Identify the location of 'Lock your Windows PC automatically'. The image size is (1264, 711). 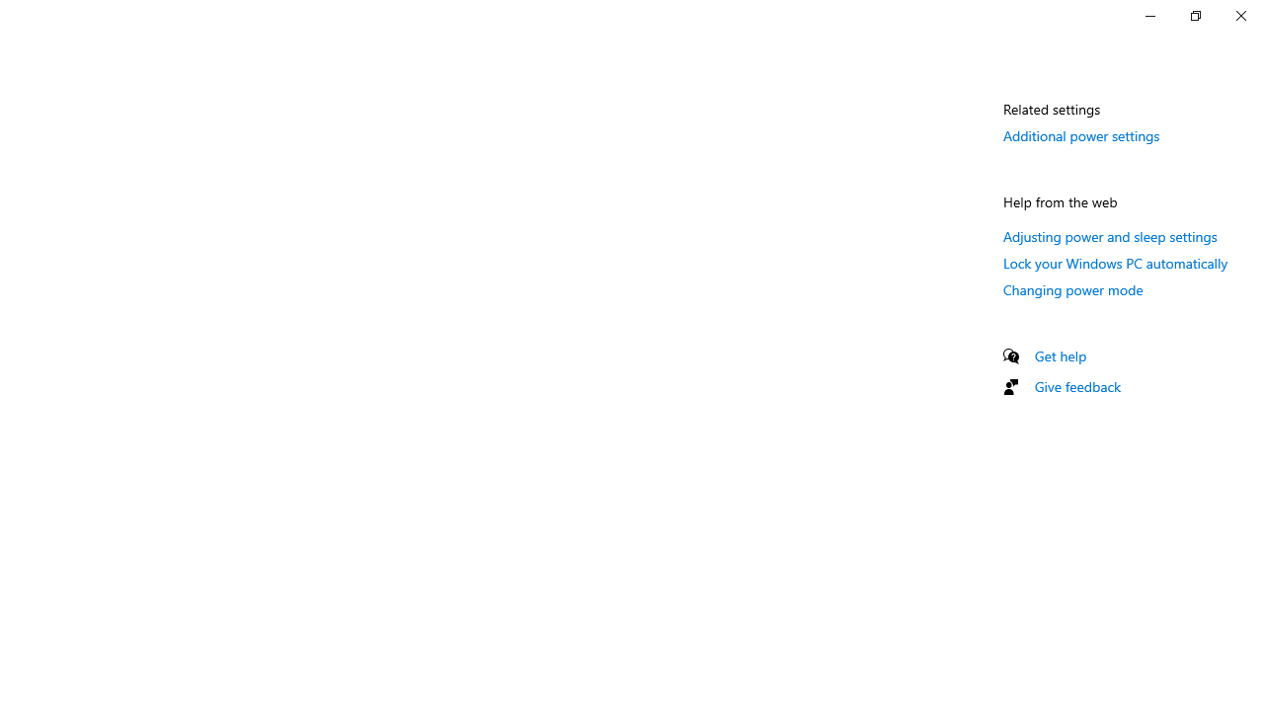
(1116, 262).